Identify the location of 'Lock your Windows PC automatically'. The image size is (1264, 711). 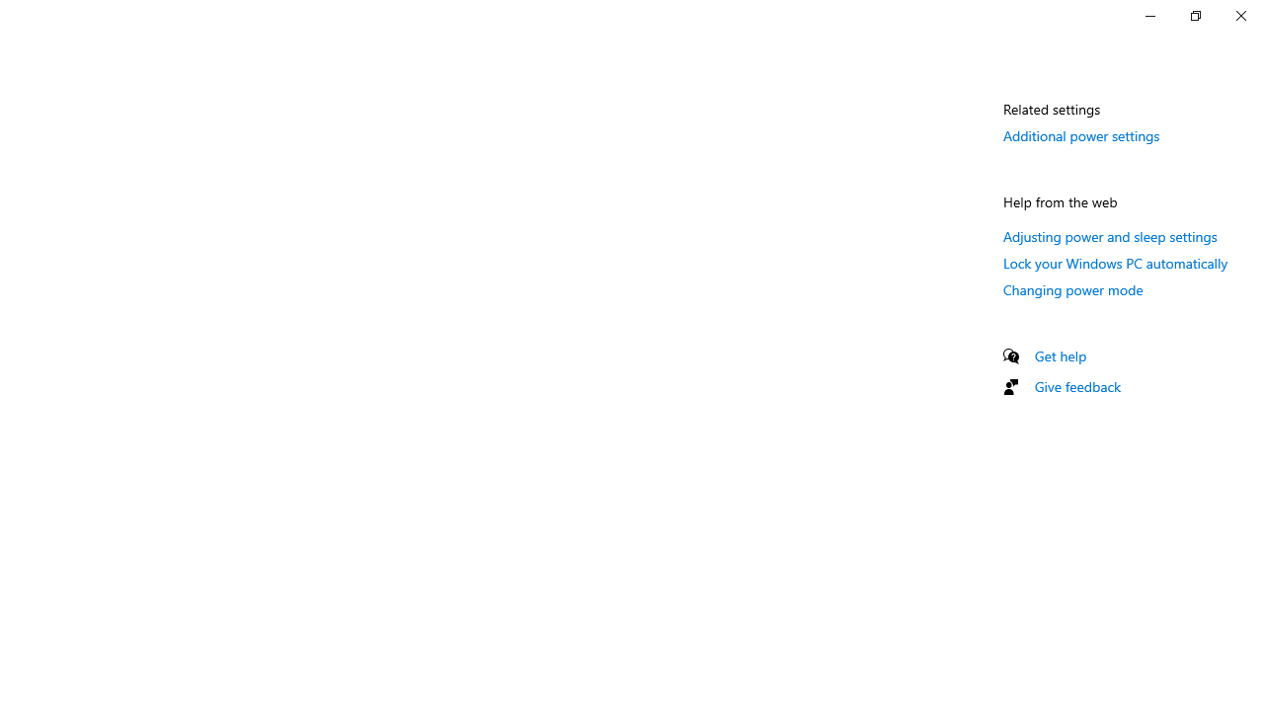
(1116, 262).